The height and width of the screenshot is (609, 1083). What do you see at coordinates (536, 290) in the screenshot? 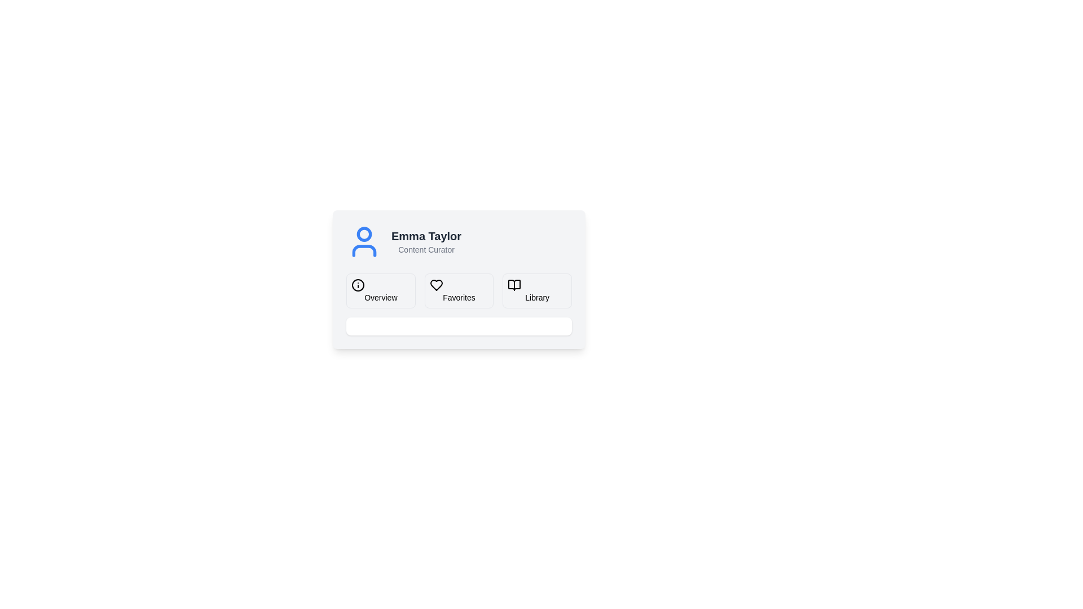
I see `the 'Library' button, which features a black open book icon and is the third button in a horizontal group below the user's name` at bounding box center [536, 290].